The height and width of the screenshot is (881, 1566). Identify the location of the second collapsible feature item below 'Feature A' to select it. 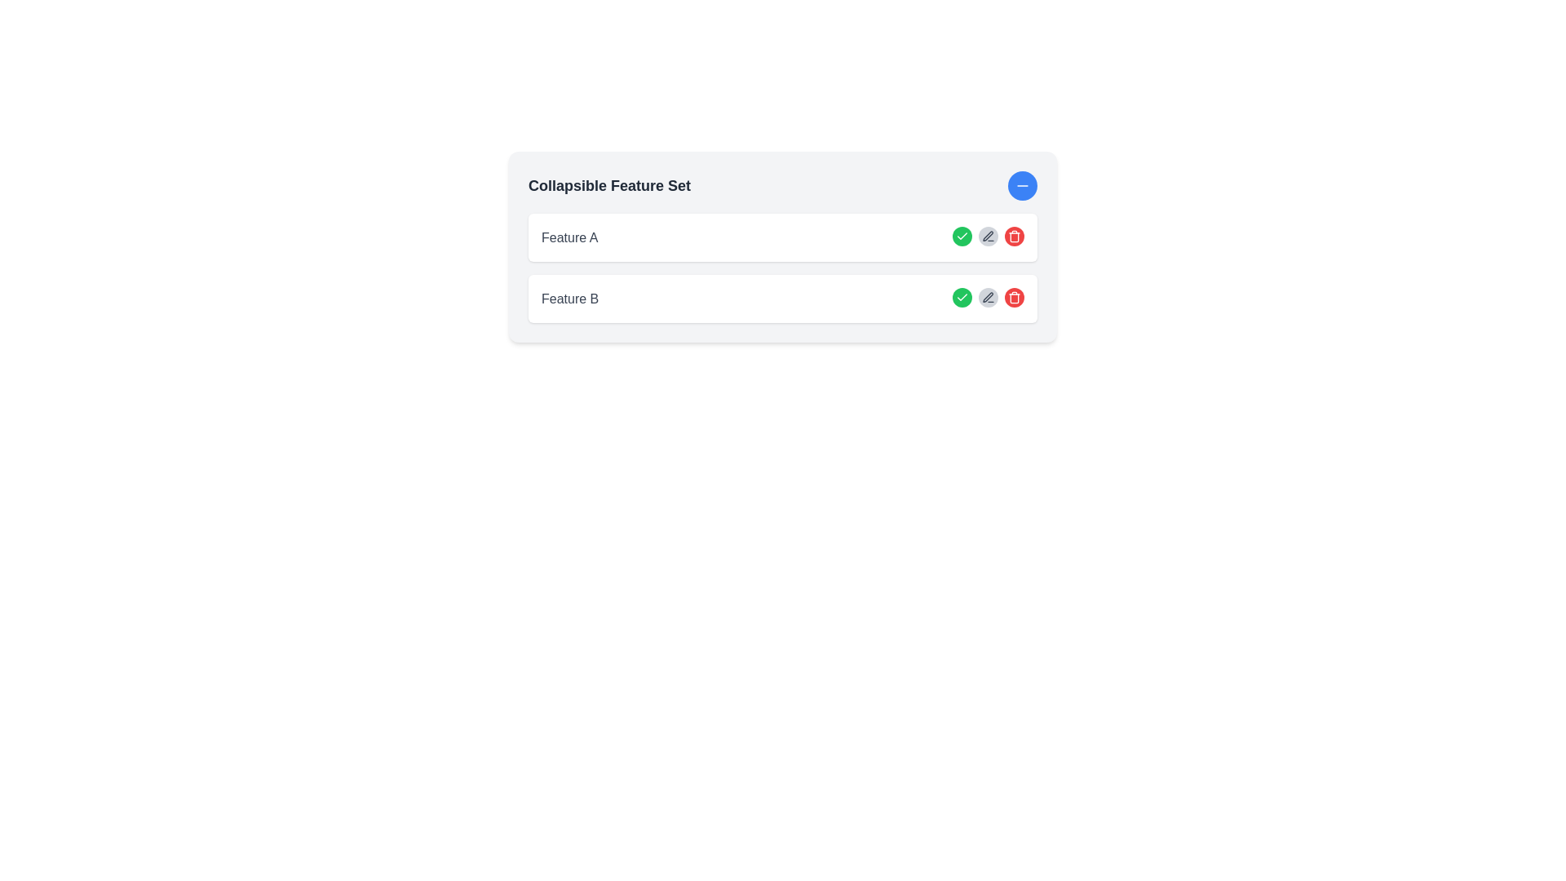
(783, 299).